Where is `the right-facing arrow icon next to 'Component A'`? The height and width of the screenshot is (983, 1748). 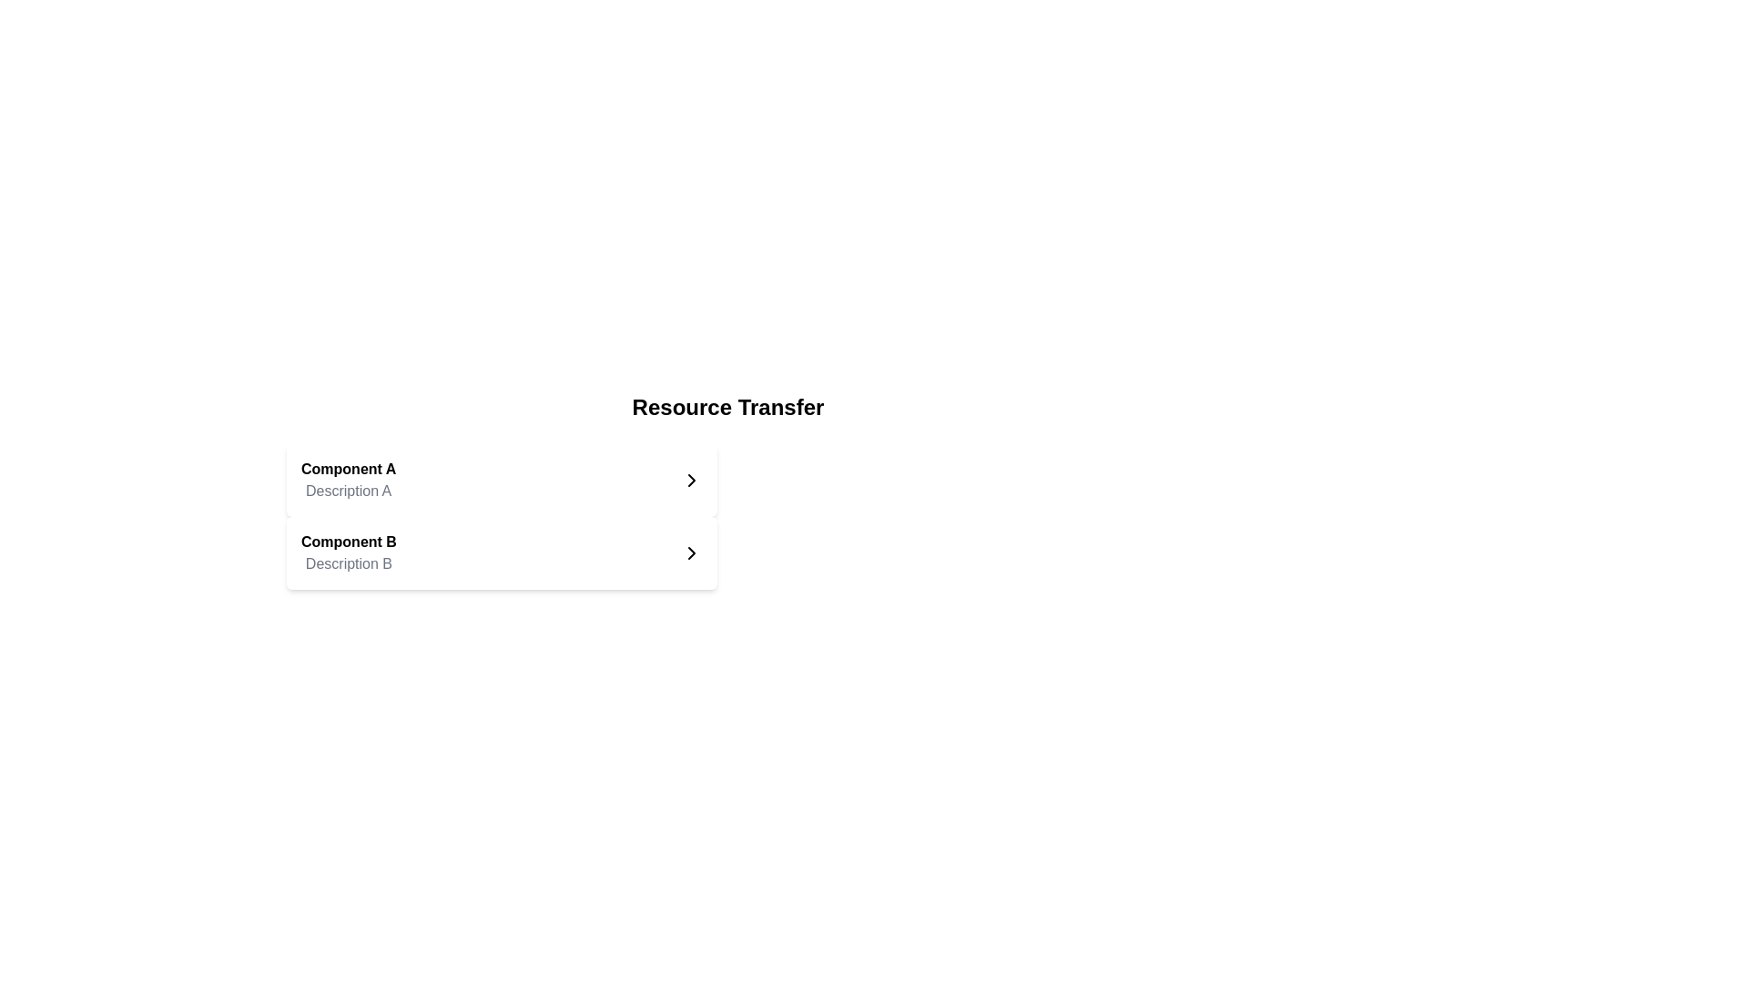
the right-facing arrow icon next to 'Component A' is located at coordinates (690, 480).